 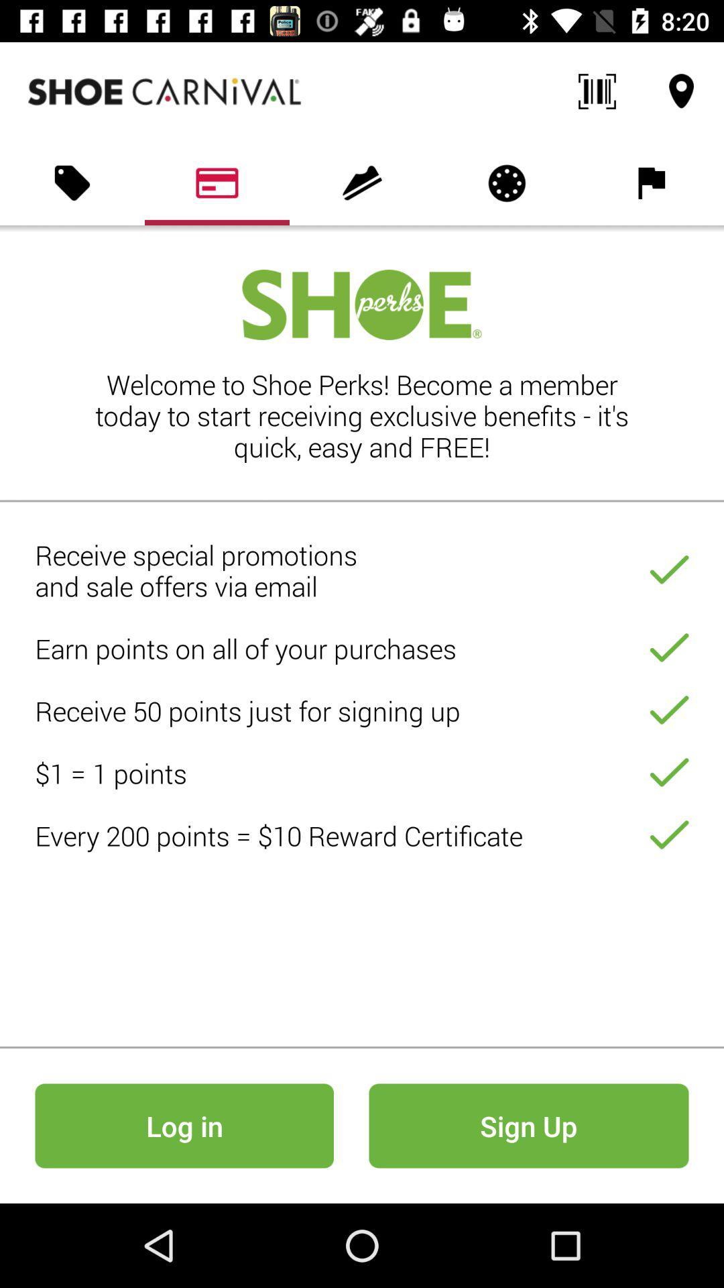 I want to click on location icon which is below 820, so click(x=682, y=91).